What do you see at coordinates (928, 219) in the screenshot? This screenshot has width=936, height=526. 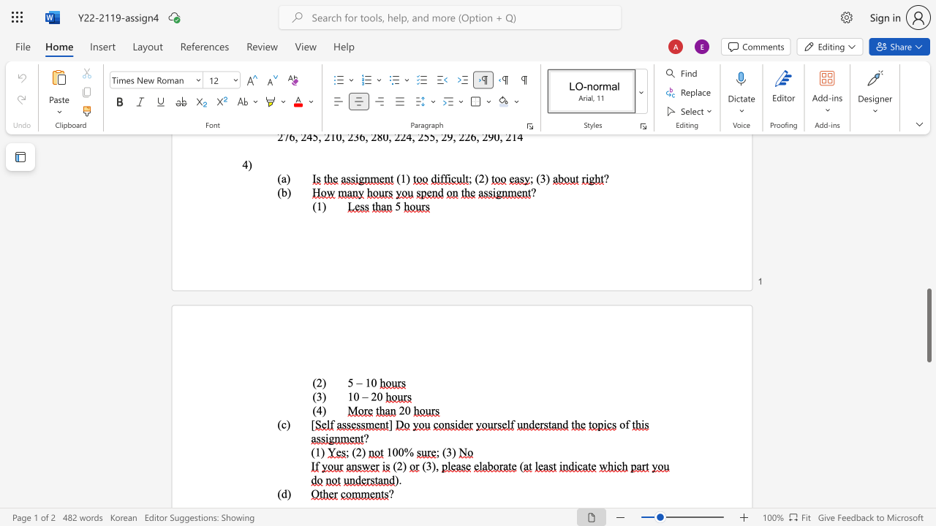 I see `the scrollbar to move the page up` at bounding box center [928, 219].